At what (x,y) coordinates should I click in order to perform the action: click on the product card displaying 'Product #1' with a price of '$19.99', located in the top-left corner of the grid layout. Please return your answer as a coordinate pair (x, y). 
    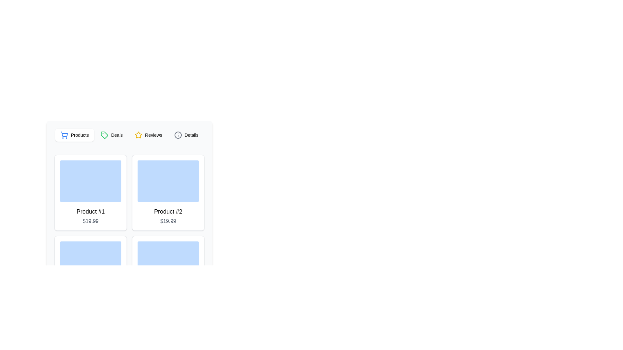
    Looking at the image, I should click on (90, 192).